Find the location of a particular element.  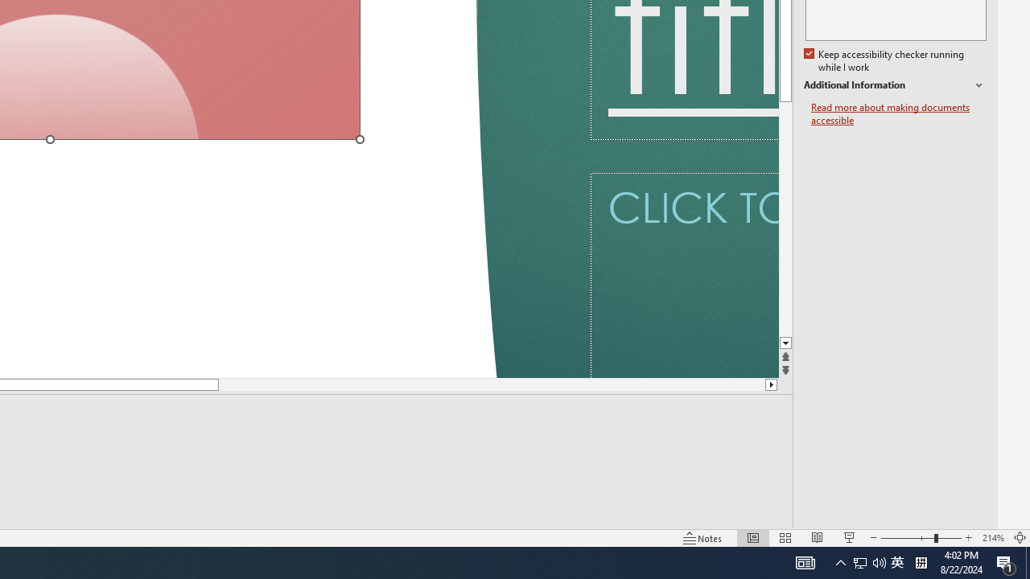

'Read more about making documents accessible' is located at coordinates (898, 113).